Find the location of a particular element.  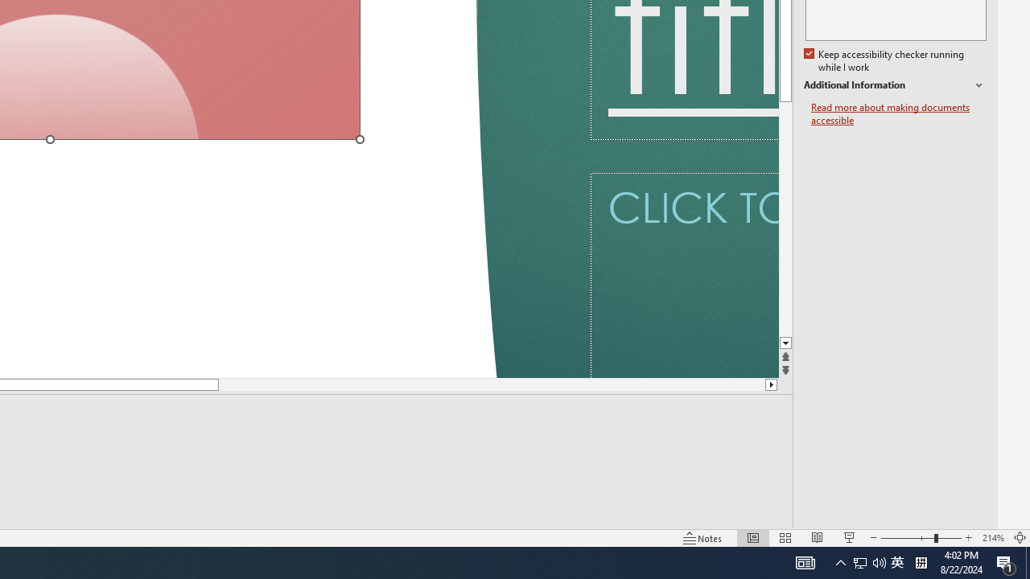

'Read more about making documents accessible' is located at coordinates (898, 113).